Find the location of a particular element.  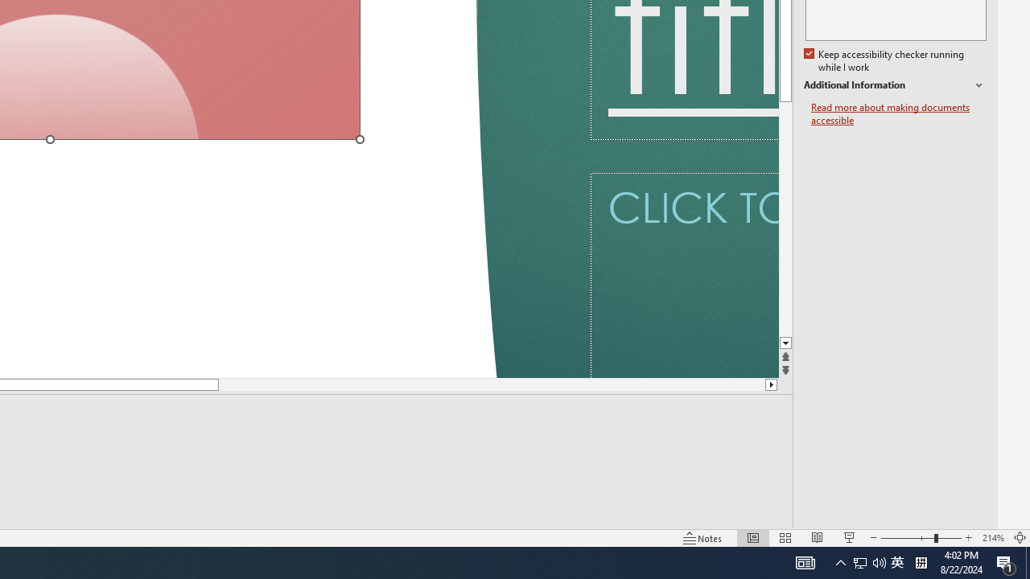

'Read more about making documents accessible' is located at coordinates (898, 113).